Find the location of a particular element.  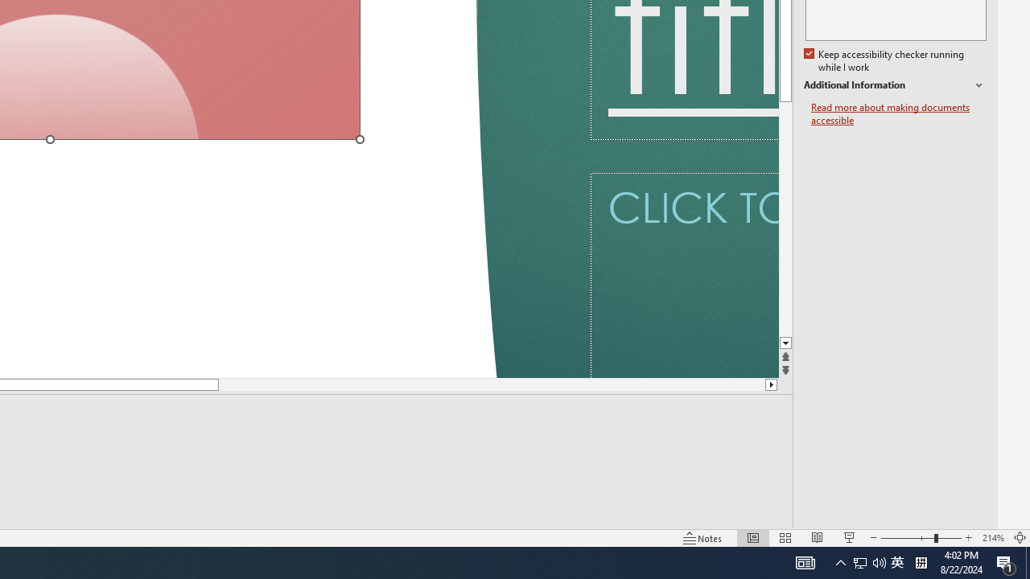

'Read more about making documents accessible' is located at coordinates (898, 113).